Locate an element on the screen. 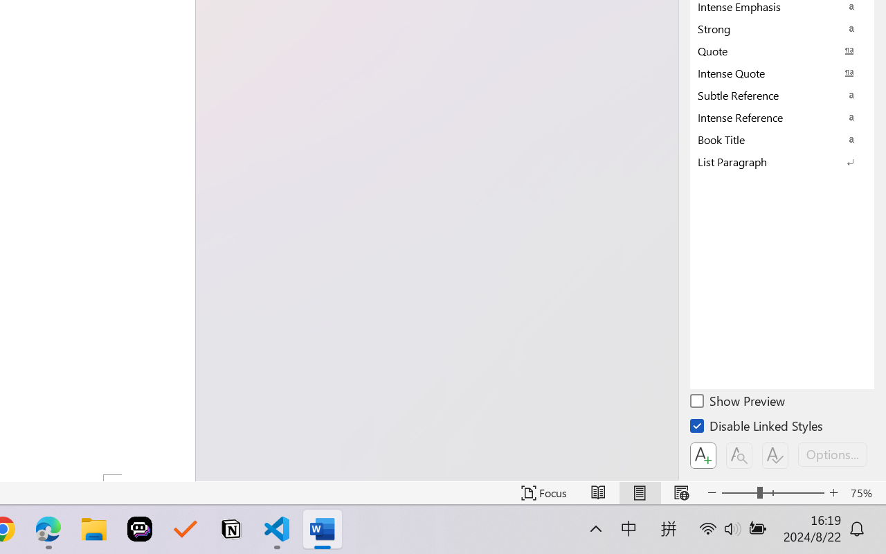  'Subtle Reference' is located at coordinates (782, 95).